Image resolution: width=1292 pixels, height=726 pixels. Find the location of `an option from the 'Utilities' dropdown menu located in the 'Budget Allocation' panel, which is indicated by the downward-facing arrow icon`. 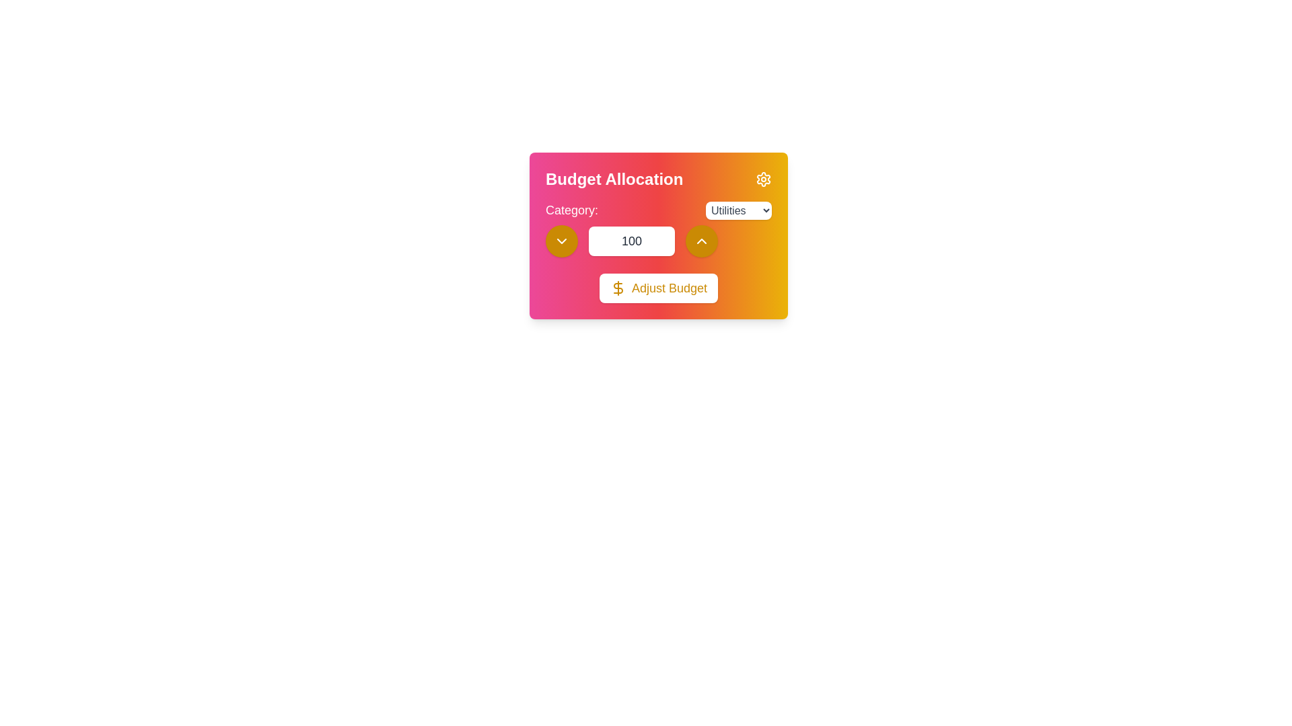

an option from the 'Utilities' dropdown menu located in the 'Budget Allocation' panel, which is indicated by the downward-facing arrow icon is located at coordinates (738, 210).